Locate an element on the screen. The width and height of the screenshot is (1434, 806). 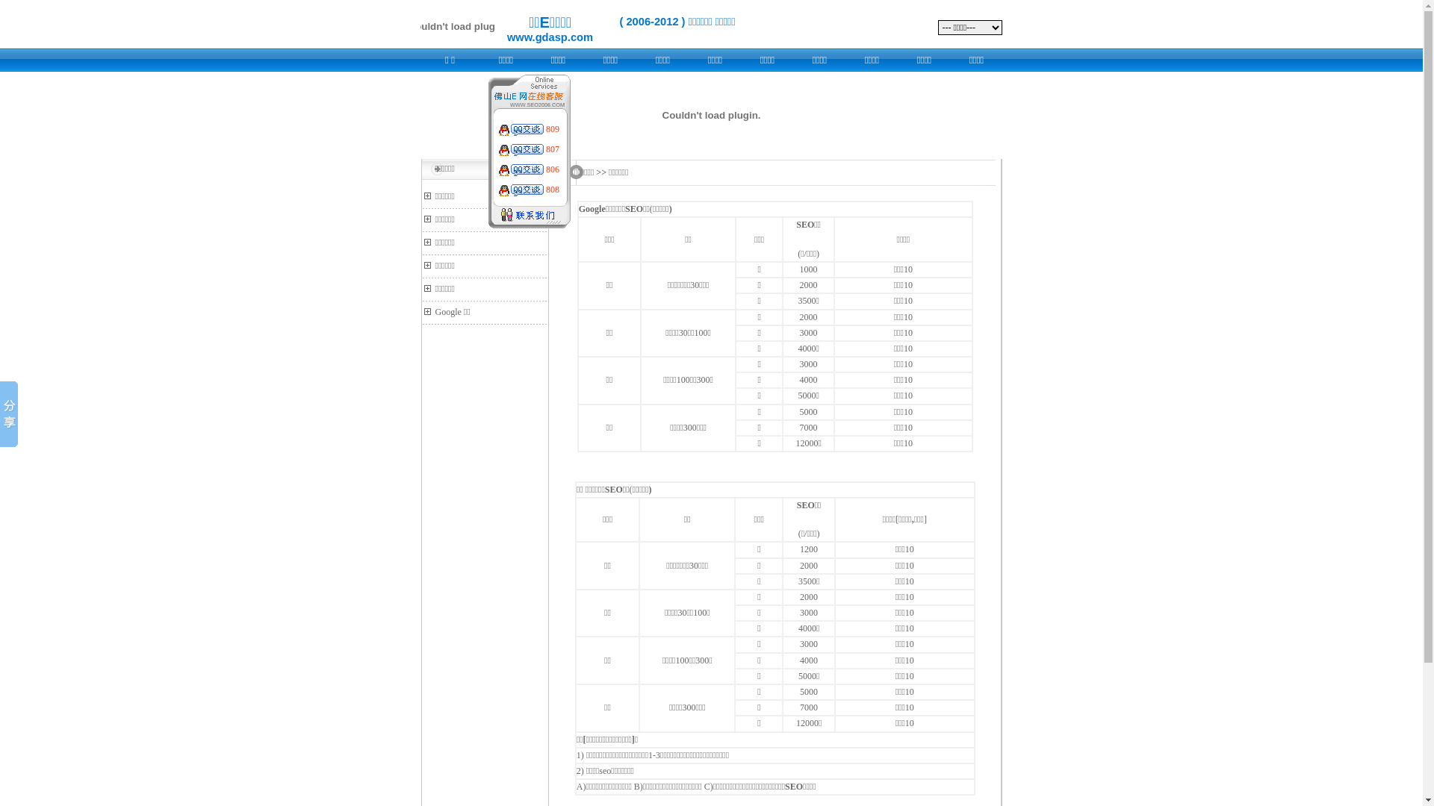
'806' is located at coordinates (551, 169).